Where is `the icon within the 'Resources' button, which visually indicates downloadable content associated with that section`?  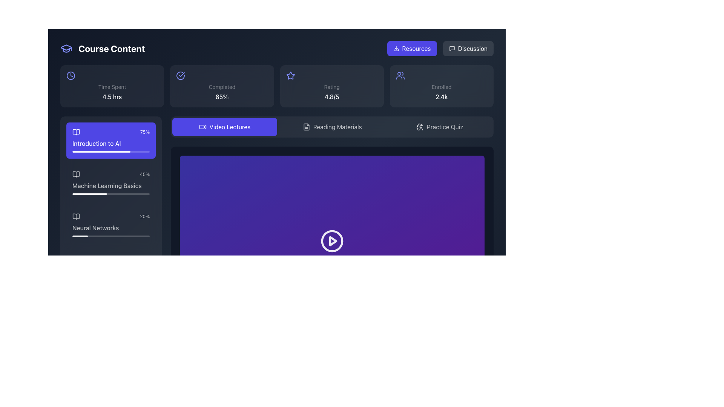
the icon within the 'Resources' button, which visually indicates downloadable content associated with that section is located at coordinates (396, 48).